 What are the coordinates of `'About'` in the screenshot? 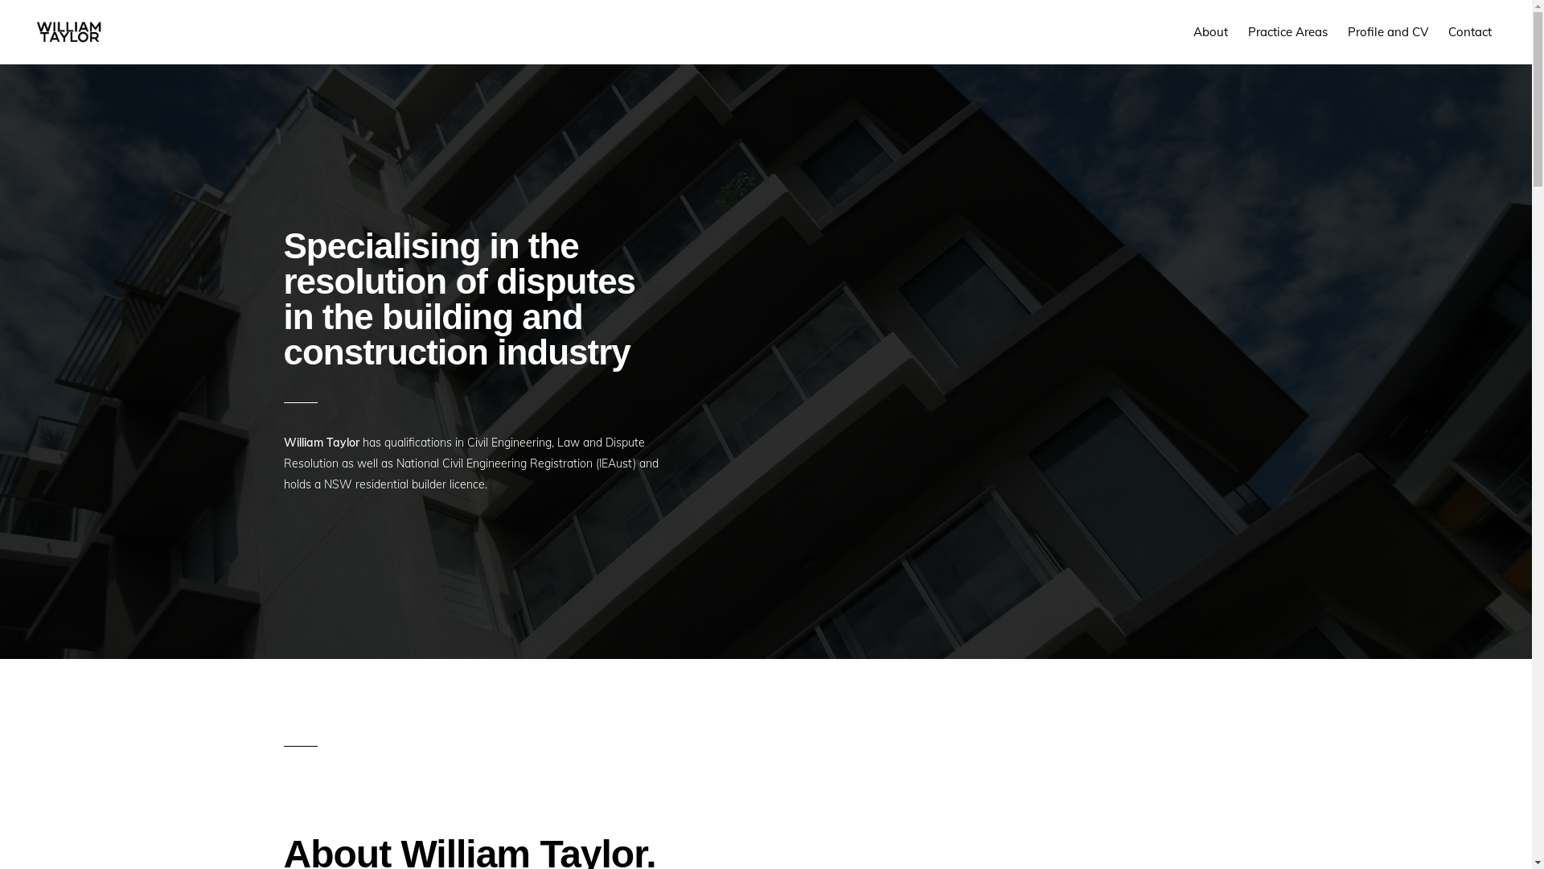 It's located at (1210, 31).